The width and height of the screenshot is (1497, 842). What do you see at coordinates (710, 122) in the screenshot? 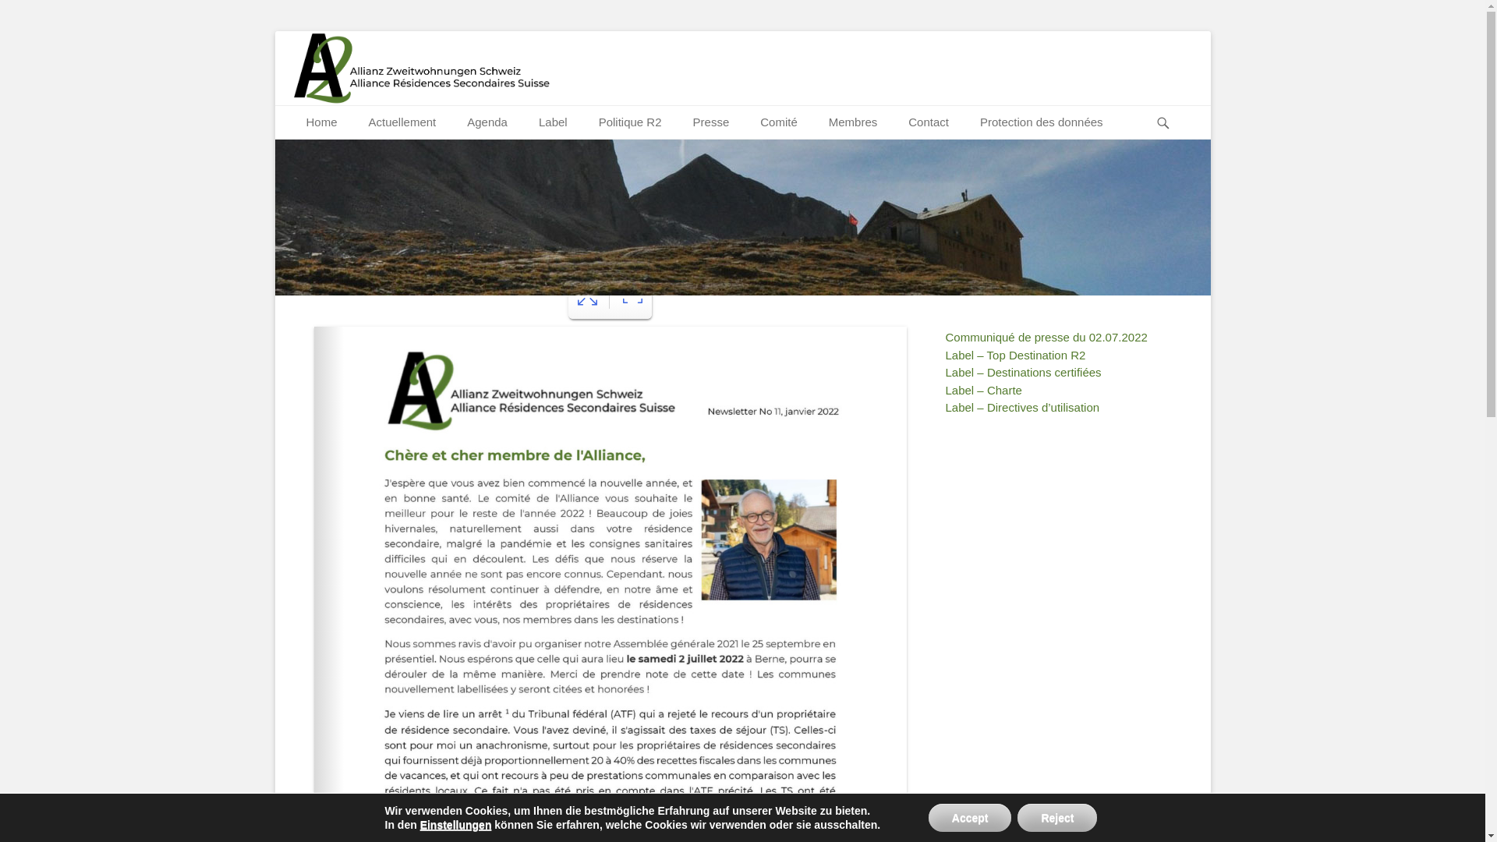
I see `'Presse'` at bounding box center [710, 122].